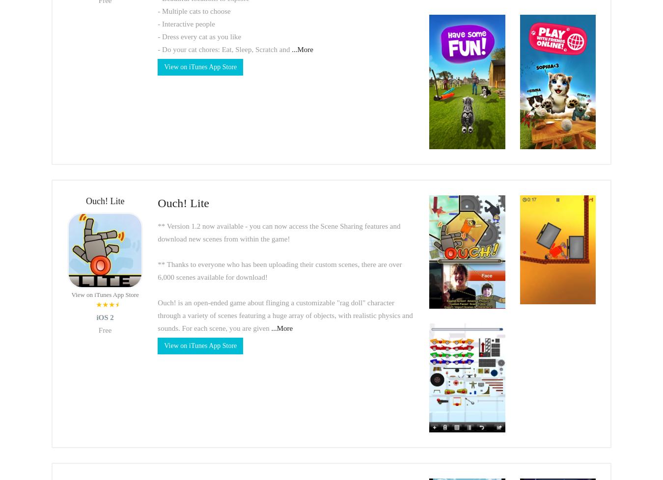 The width and height of the screenshot is (663, 480). What do you see at coordinates (279, 270) in the screenshot?
I see `'** Thanks to everyone who has been uploading their custom scenes, there are over 6,000 scenes available for download!'` at bounding box center [279, 270].